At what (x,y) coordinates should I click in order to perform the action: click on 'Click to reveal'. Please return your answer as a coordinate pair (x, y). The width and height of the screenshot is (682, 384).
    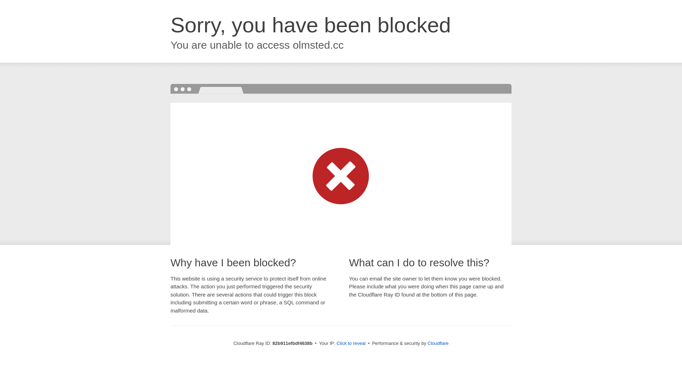
    Looking at the image, I should click on (351, 343).